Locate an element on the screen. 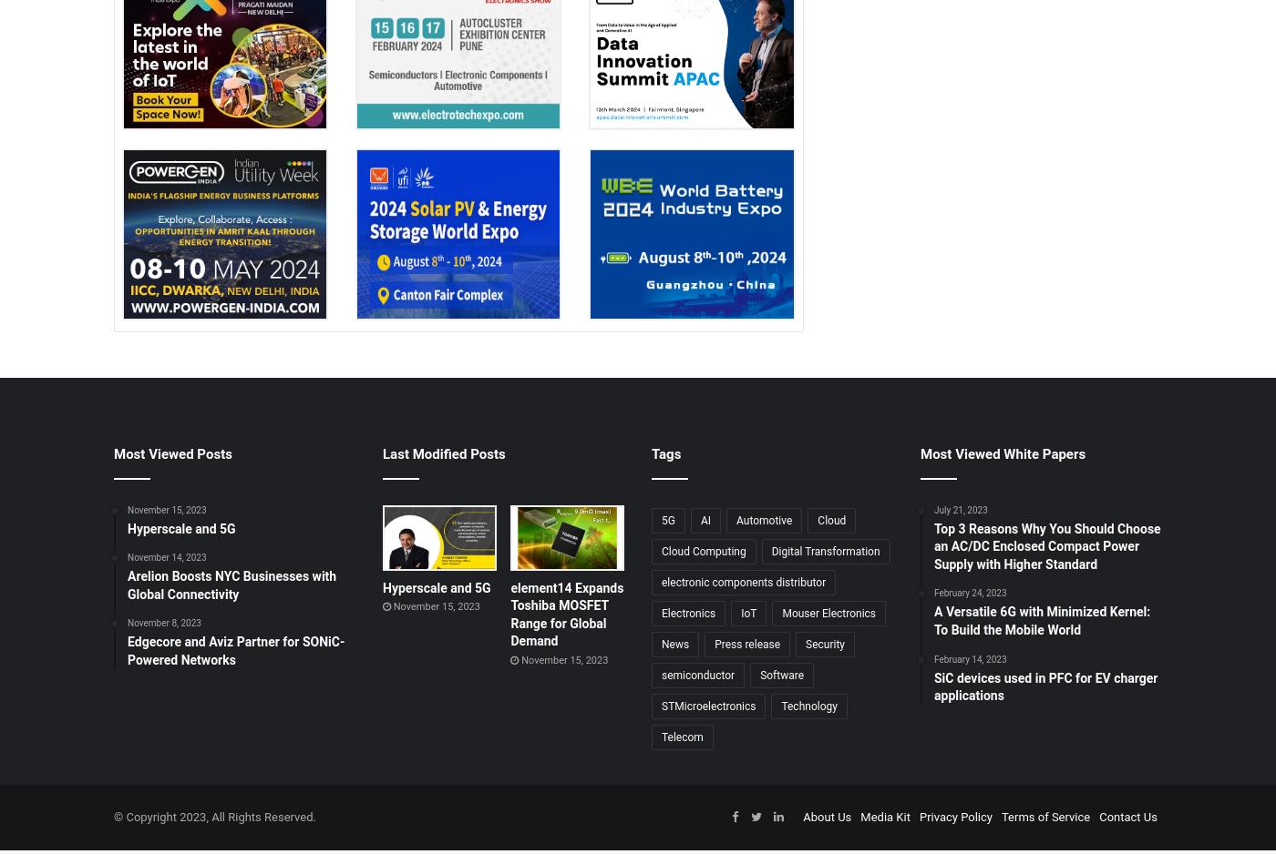 Image resolution: width=1276 pixels, height=854 pixels. 'November 8, 2023' is located at coordinates (163, 623).